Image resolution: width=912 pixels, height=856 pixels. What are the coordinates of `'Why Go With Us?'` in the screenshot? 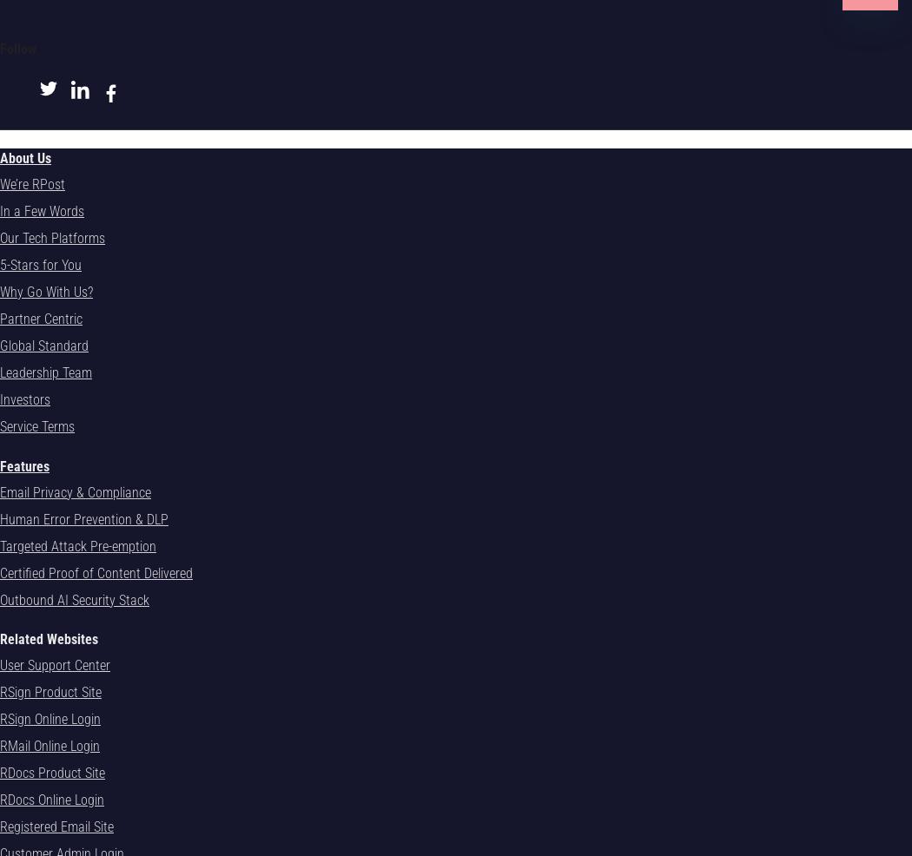 It's located at (45, 291).